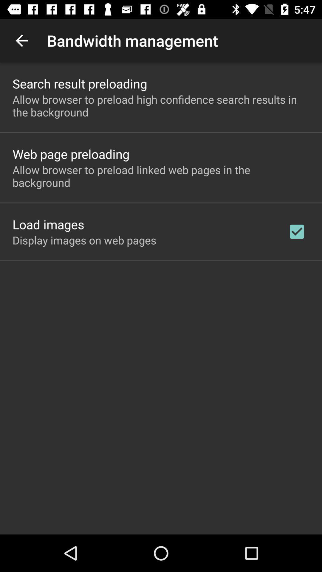 The image size is (322, 572). Describe the element at coordinates (71, 154) in the screenshot. I see `the web page preloading icon` at that location.